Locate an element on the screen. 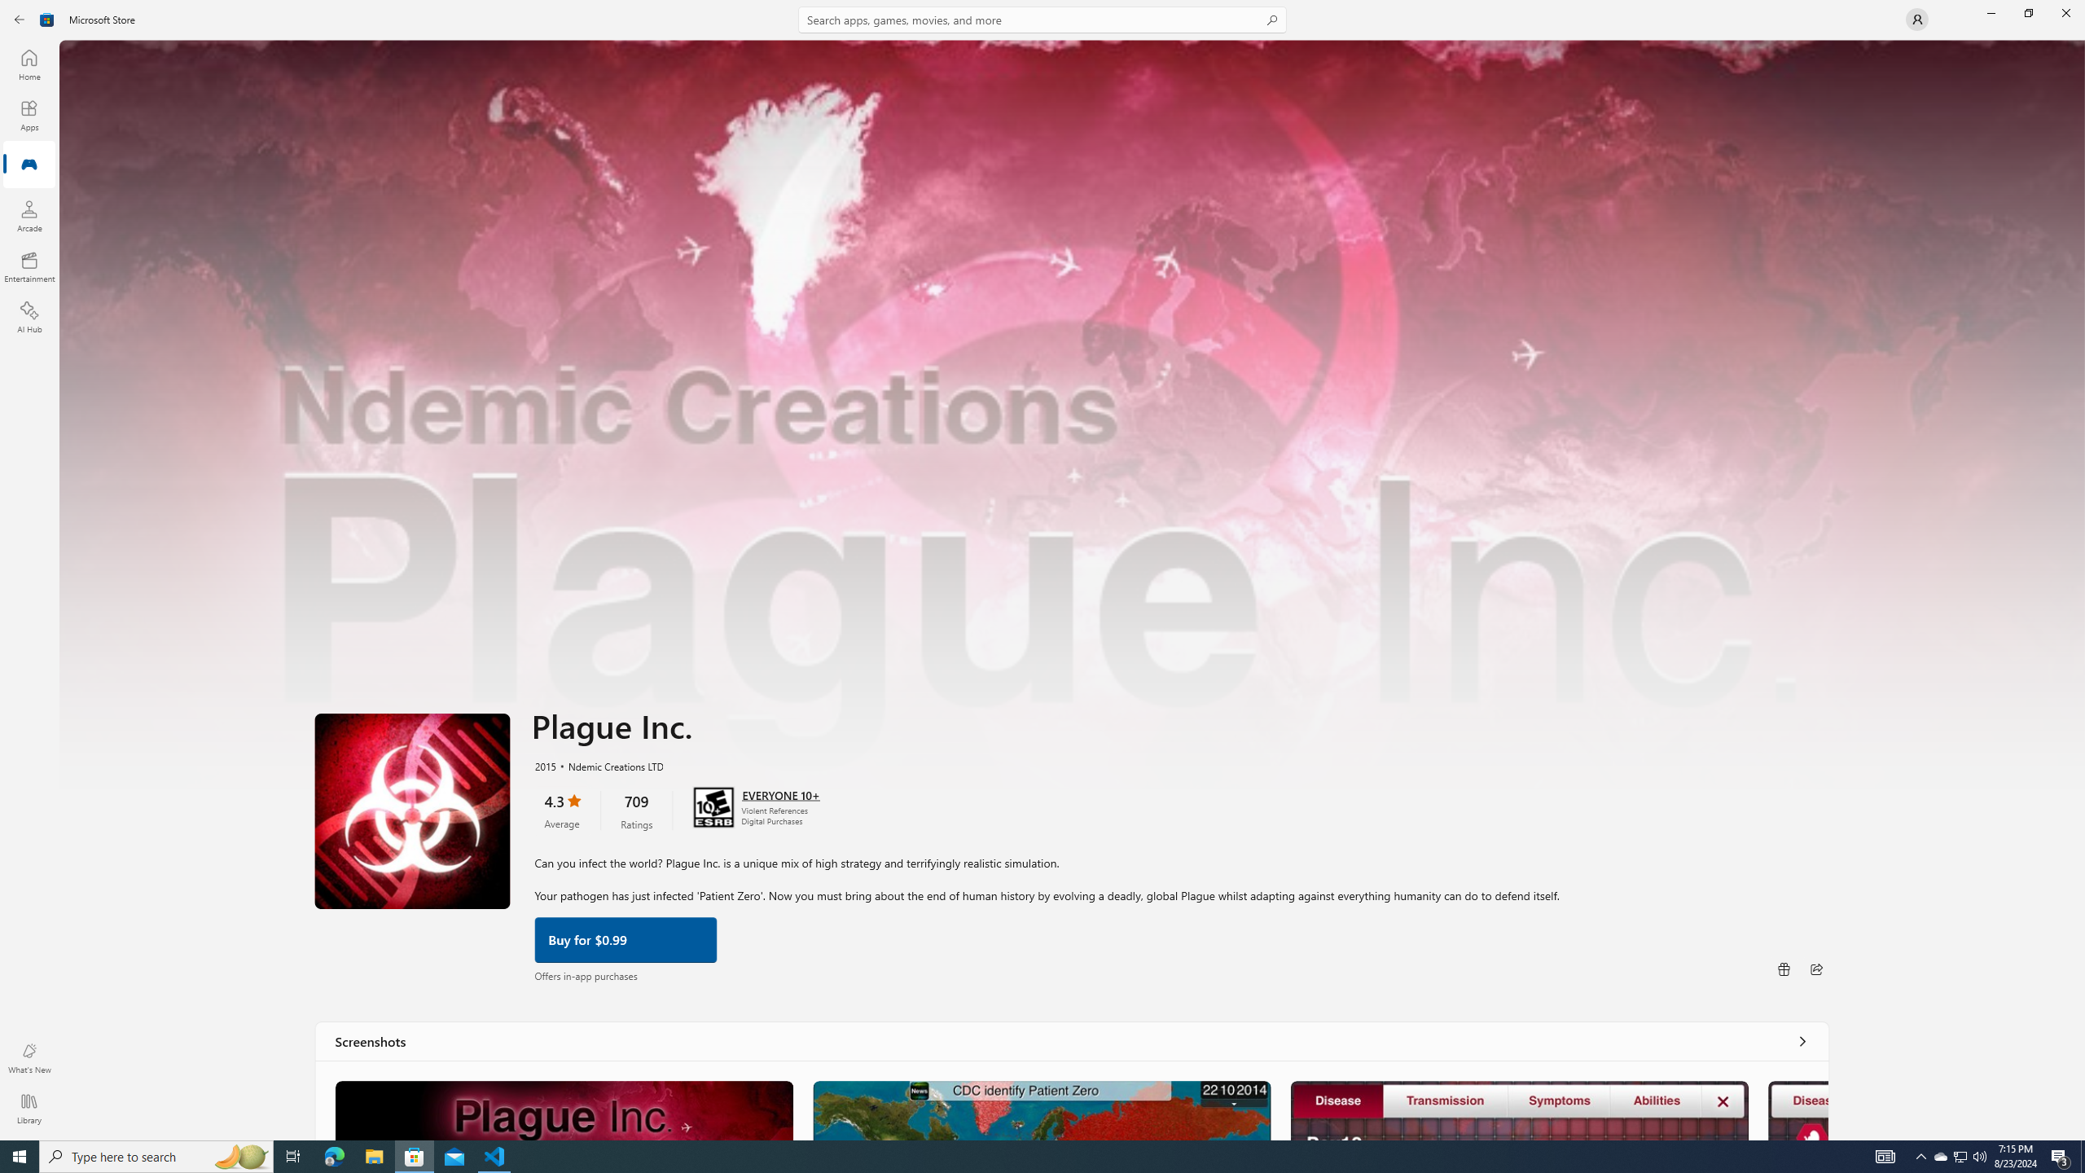 This screenshot has width=2085, height=1173. 'Screenshot 4' is located at coordinates (1798, 1109).